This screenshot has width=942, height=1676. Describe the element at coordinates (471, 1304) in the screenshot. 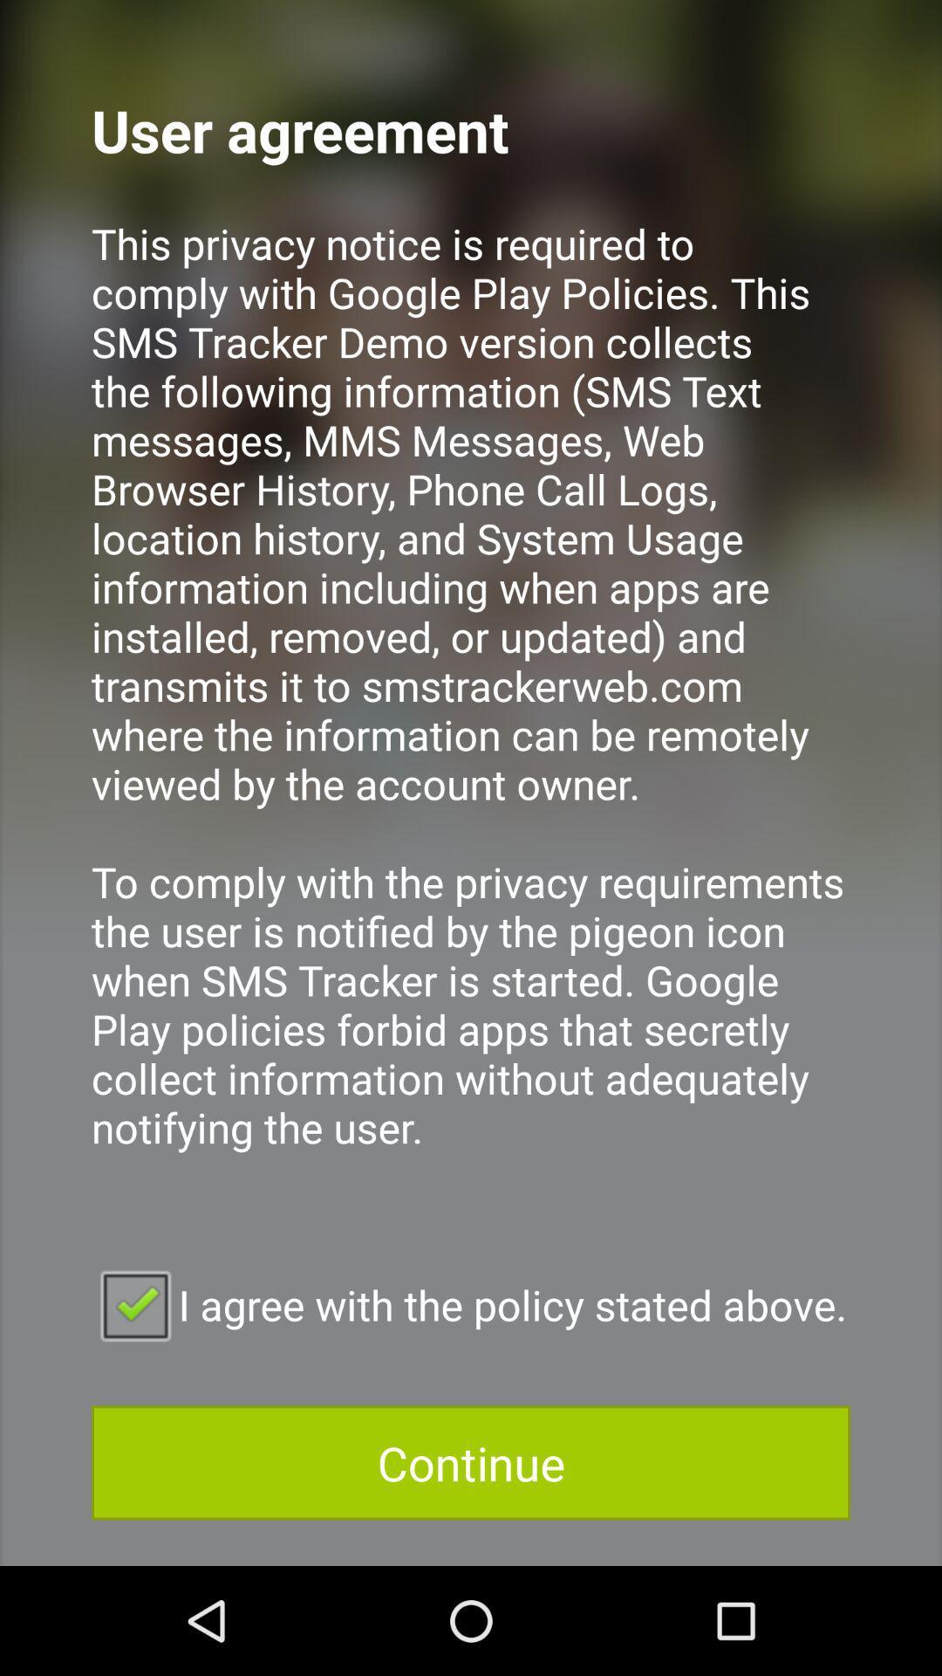

I see `item above continue item` at that location.